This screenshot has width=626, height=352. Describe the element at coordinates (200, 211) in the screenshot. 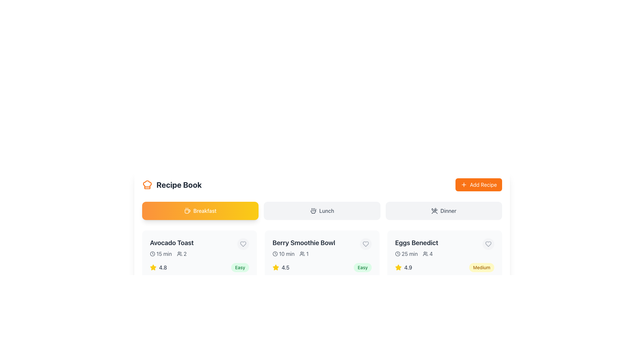

I see `the rectangular button labeled 'Breakfast', which features a cup icon and a gradient from orange to yellow` at that location.